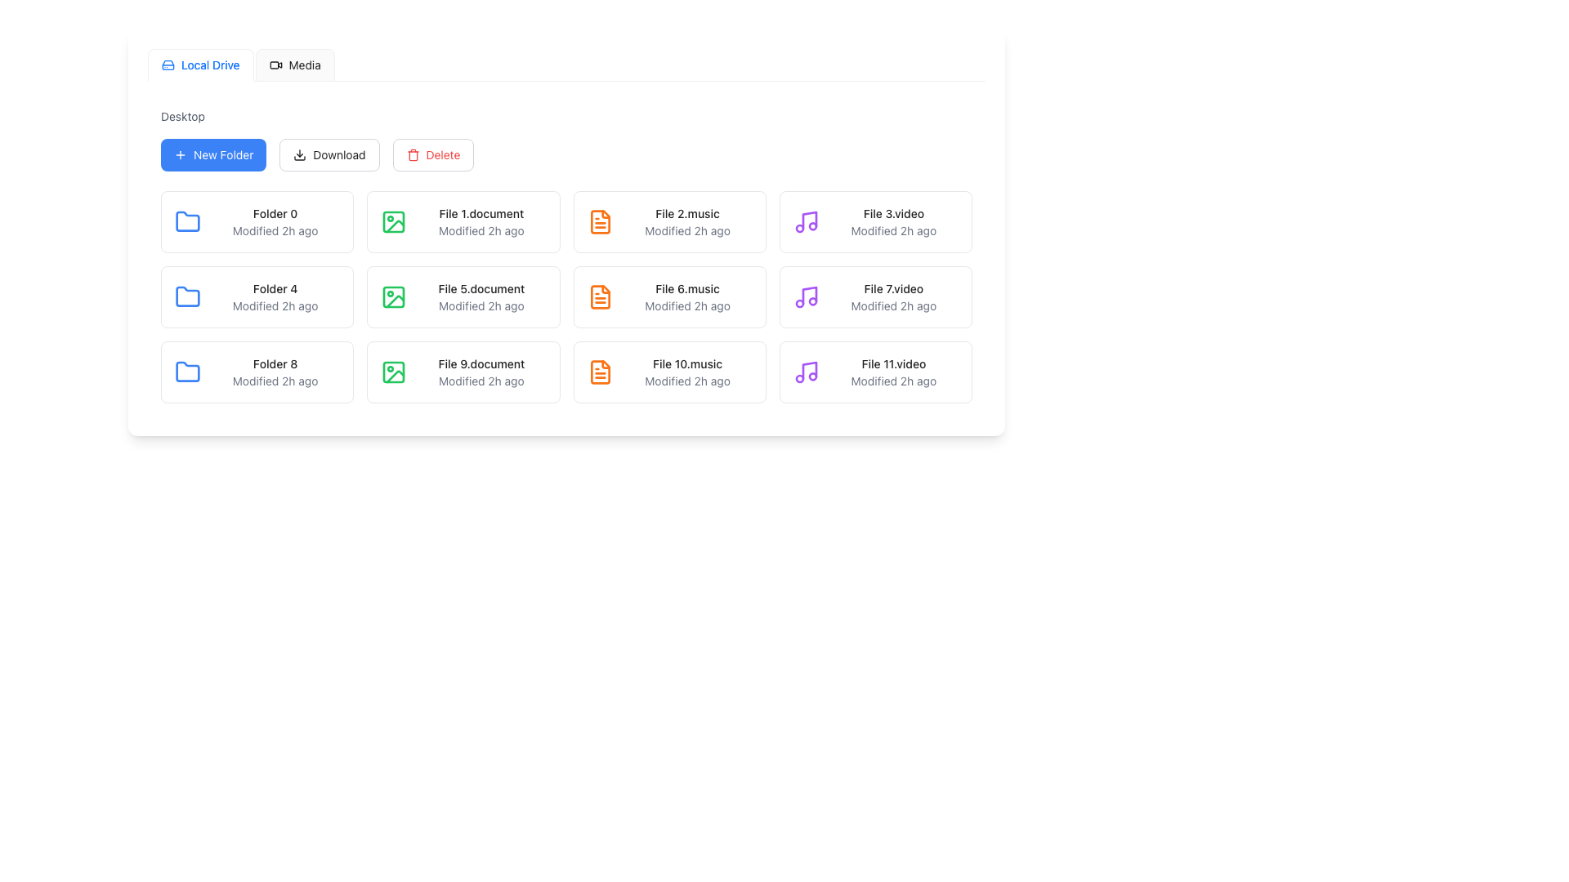 The width and height of the screenshot is (1569, 882). What do you see at coordinates (687, 381) in the screenshot?
I see `the text label that reads 'Modified 2h ago', which is located below the file name 'File 10.music' in the lower-right portion of the layout` at bounding box center [687, 381].